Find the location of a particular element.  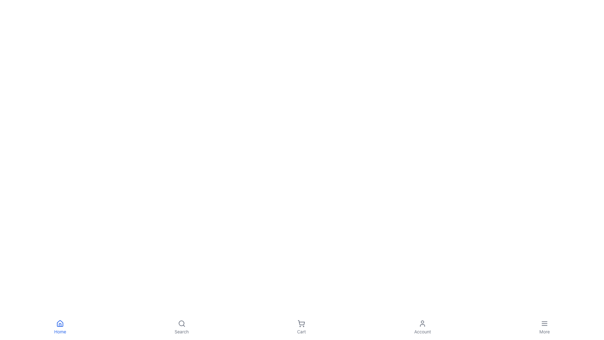

the magnifying glass icon located in the bottom navigation bar is located at coordinates (181, 324).